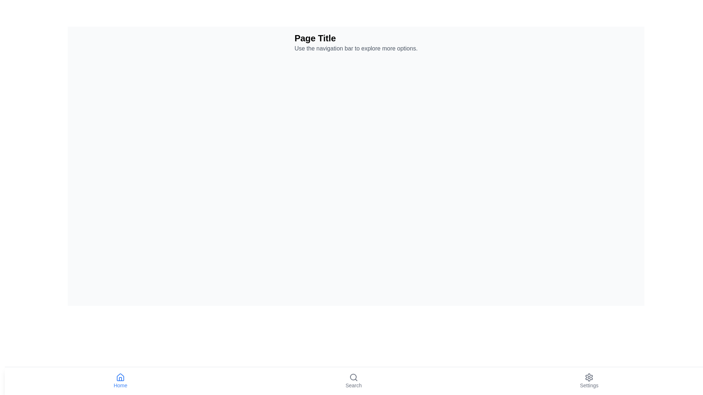 The image size is (703, 395). What do you see at coordinates (353, 377) in the screenshot?
I see `the inner circular shape of the search icon located in the navigation bar at the bottom of the interface` at bounding box center [353, 377].